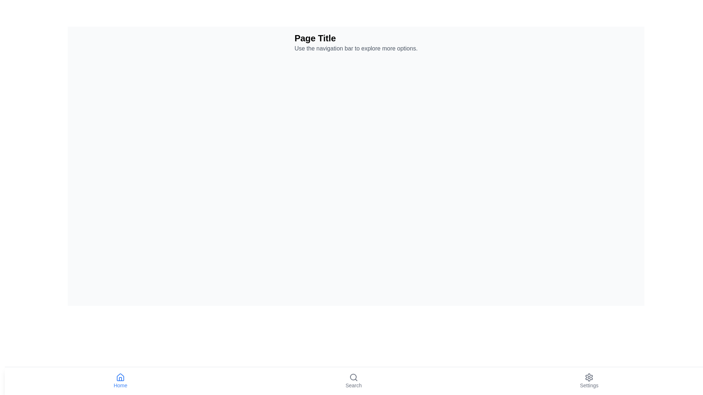 The image size is (703, 395). What do you see at coordinates (353, 377) in the screenshot?
I see `the inner circular shape of the search icon located in the navigation bar at the bottom of the interface` at bounding box center [353, 377].